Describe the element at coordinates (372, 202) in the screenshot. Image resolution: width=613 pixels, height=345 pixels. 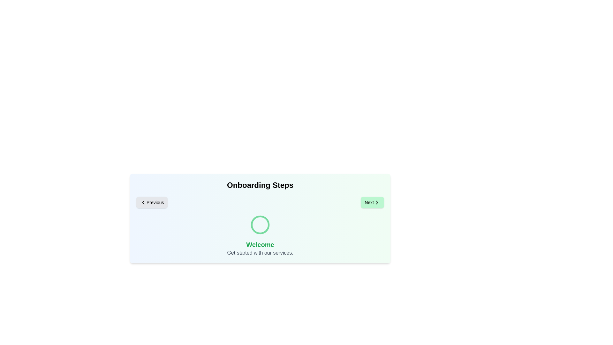
I see `the 'Next' button to proceed to the next step` at that location.